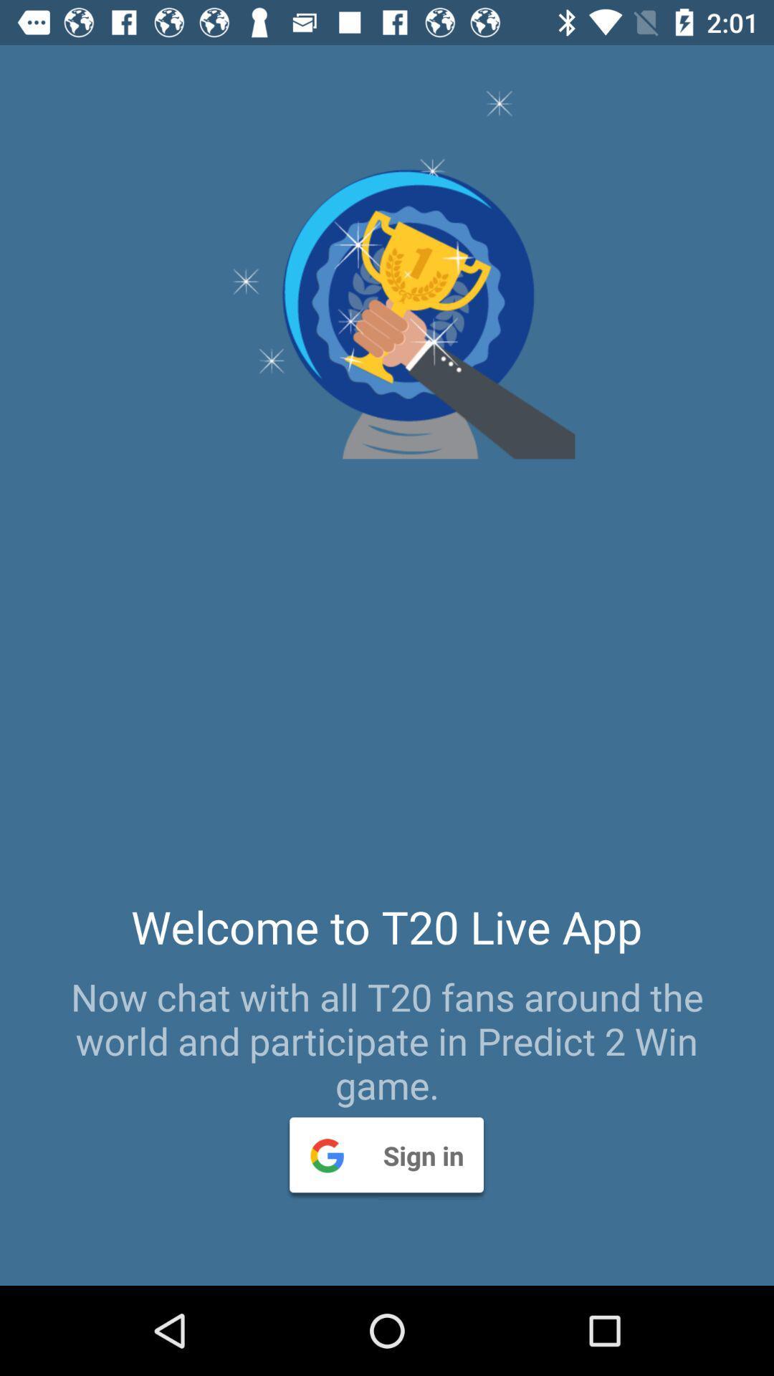 The height and width of the screenshot is (1376, 774). Describe the element at coordinates (386, 1155) in the screenshot. I see `sign in item` at that location.